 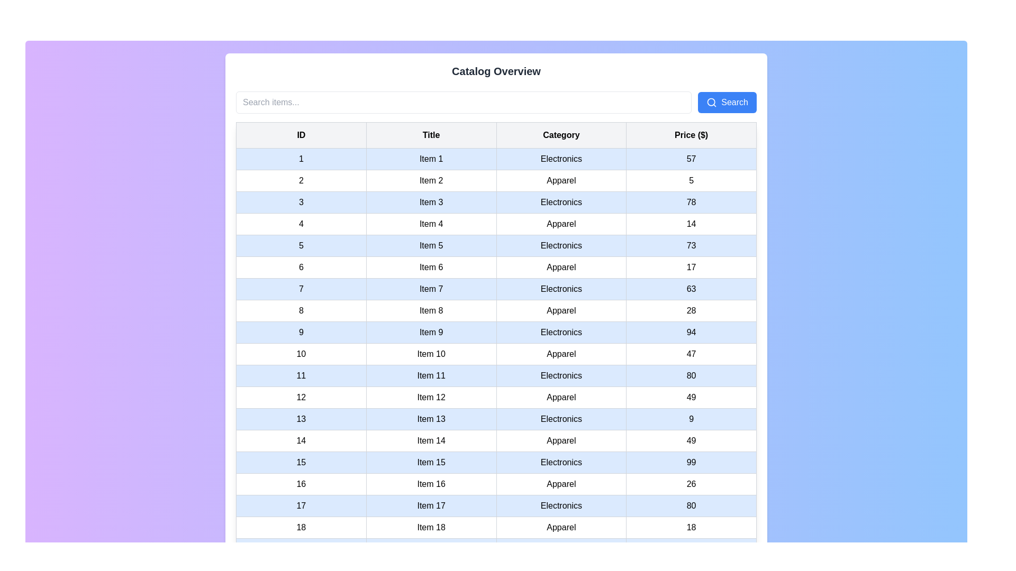 I want to click on the static text element labeled 'Electronics' with a light blue background, located in the 'Category' column of 'Item 9' row, so click(x=560, y=331).